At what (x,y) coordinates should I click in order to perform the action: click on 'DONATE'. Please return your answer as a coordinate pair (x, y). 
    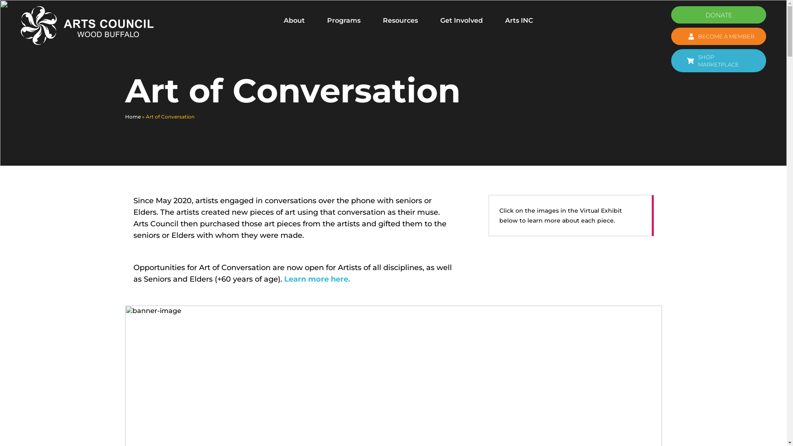
    Looking at the image, I should click on (718, 14).